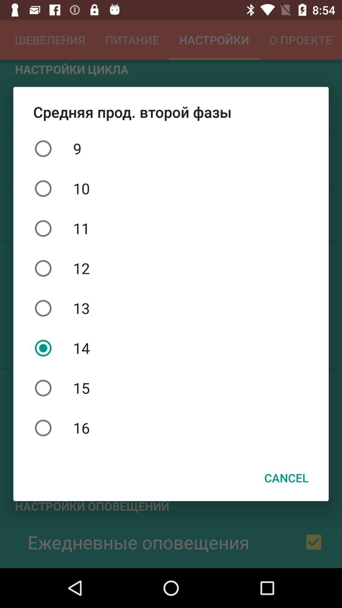  Describe the element at coordinates (286, 478) in the screenshot. I see `cancel` at that location.